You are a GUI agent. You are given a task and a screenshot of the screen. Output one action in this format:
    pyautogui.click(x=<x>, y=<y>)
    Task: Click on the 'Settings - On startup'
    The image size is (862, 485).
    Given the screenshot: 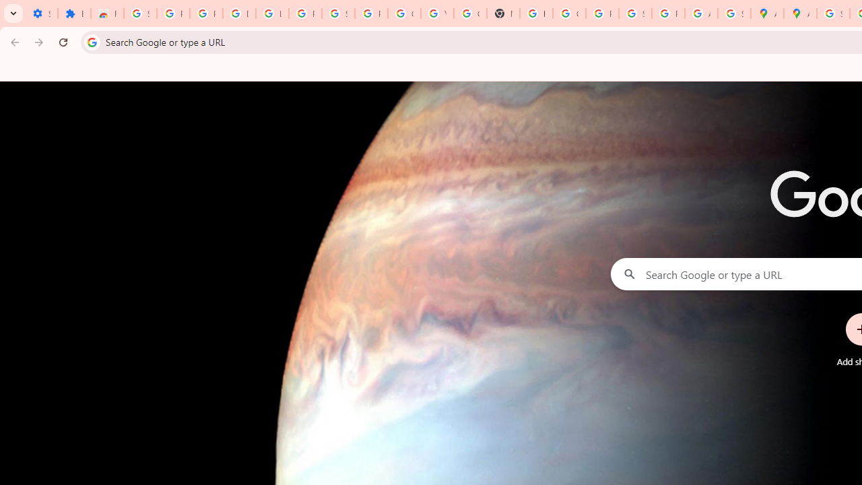 What is the action you would take?
    pyautogui.click(x=41, y=13)
    